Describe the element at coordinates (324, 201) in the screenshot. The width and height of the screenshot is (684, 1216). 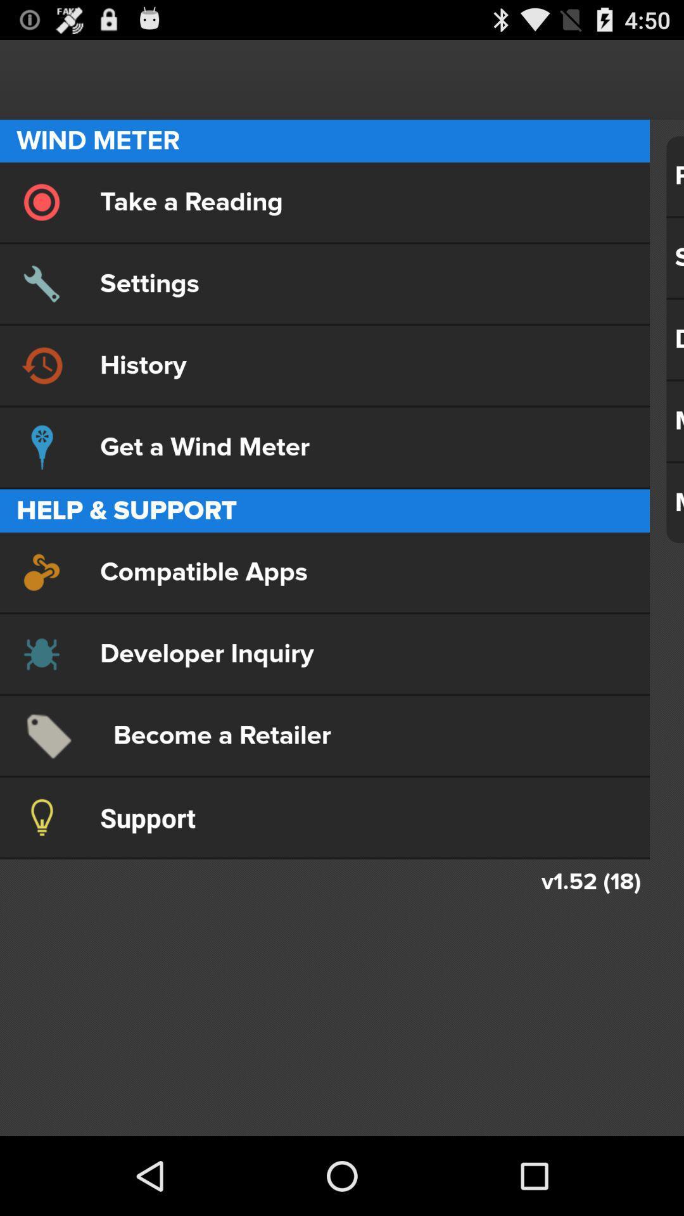
I see `the item below wind meter` at that location.